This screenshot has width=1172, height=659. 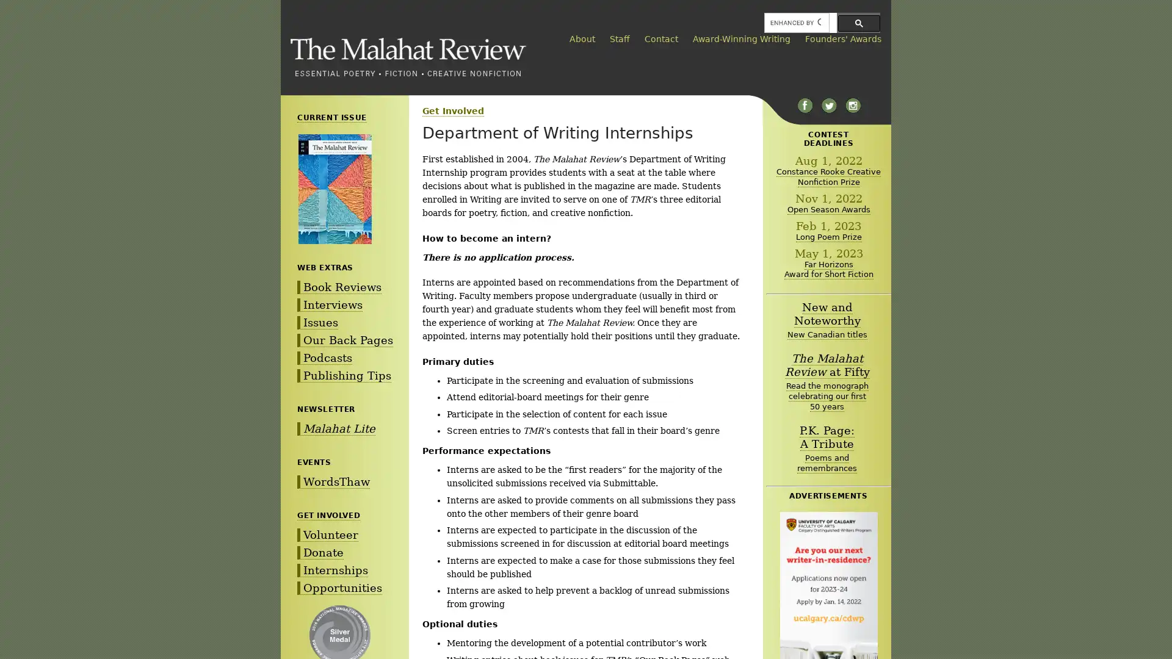 I want to click on search, so click(x=858, y=23).